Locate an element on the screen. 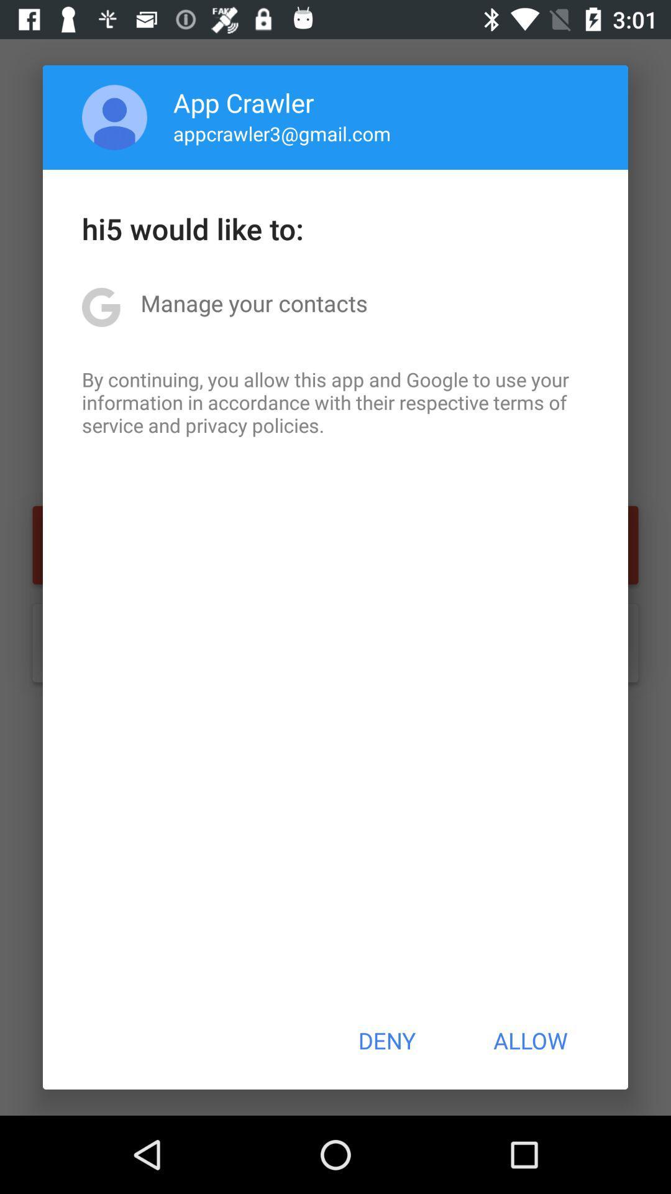  item above the appcrawler3@gmail.com is located at coordinates (244, 102).